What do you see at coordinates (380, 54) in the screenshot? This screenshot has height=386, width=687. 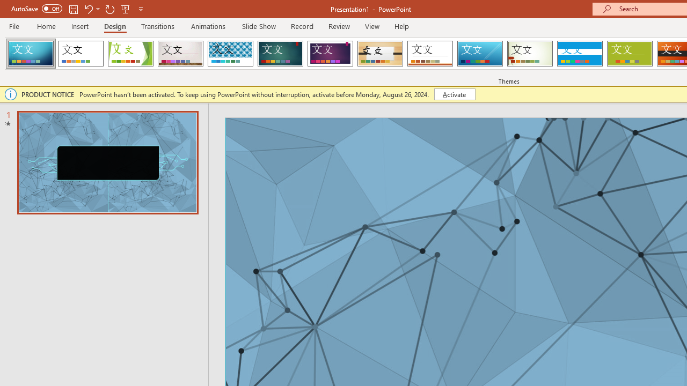 I see `'Organic'` at bounding box center [380, 54].